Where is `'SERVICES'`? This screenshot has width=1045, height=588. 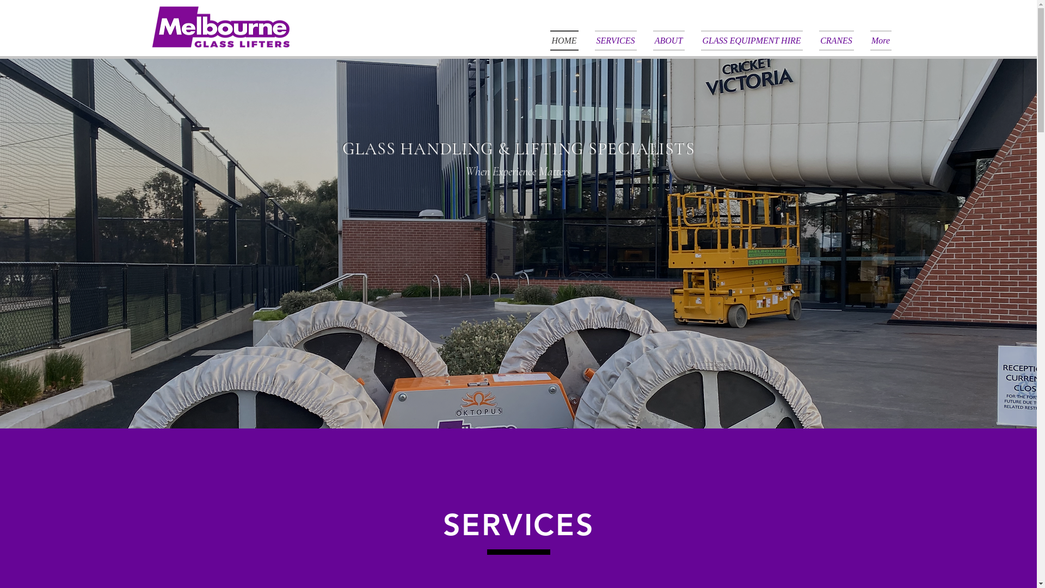 'SERVICES' is located at coordinates (586, 40).